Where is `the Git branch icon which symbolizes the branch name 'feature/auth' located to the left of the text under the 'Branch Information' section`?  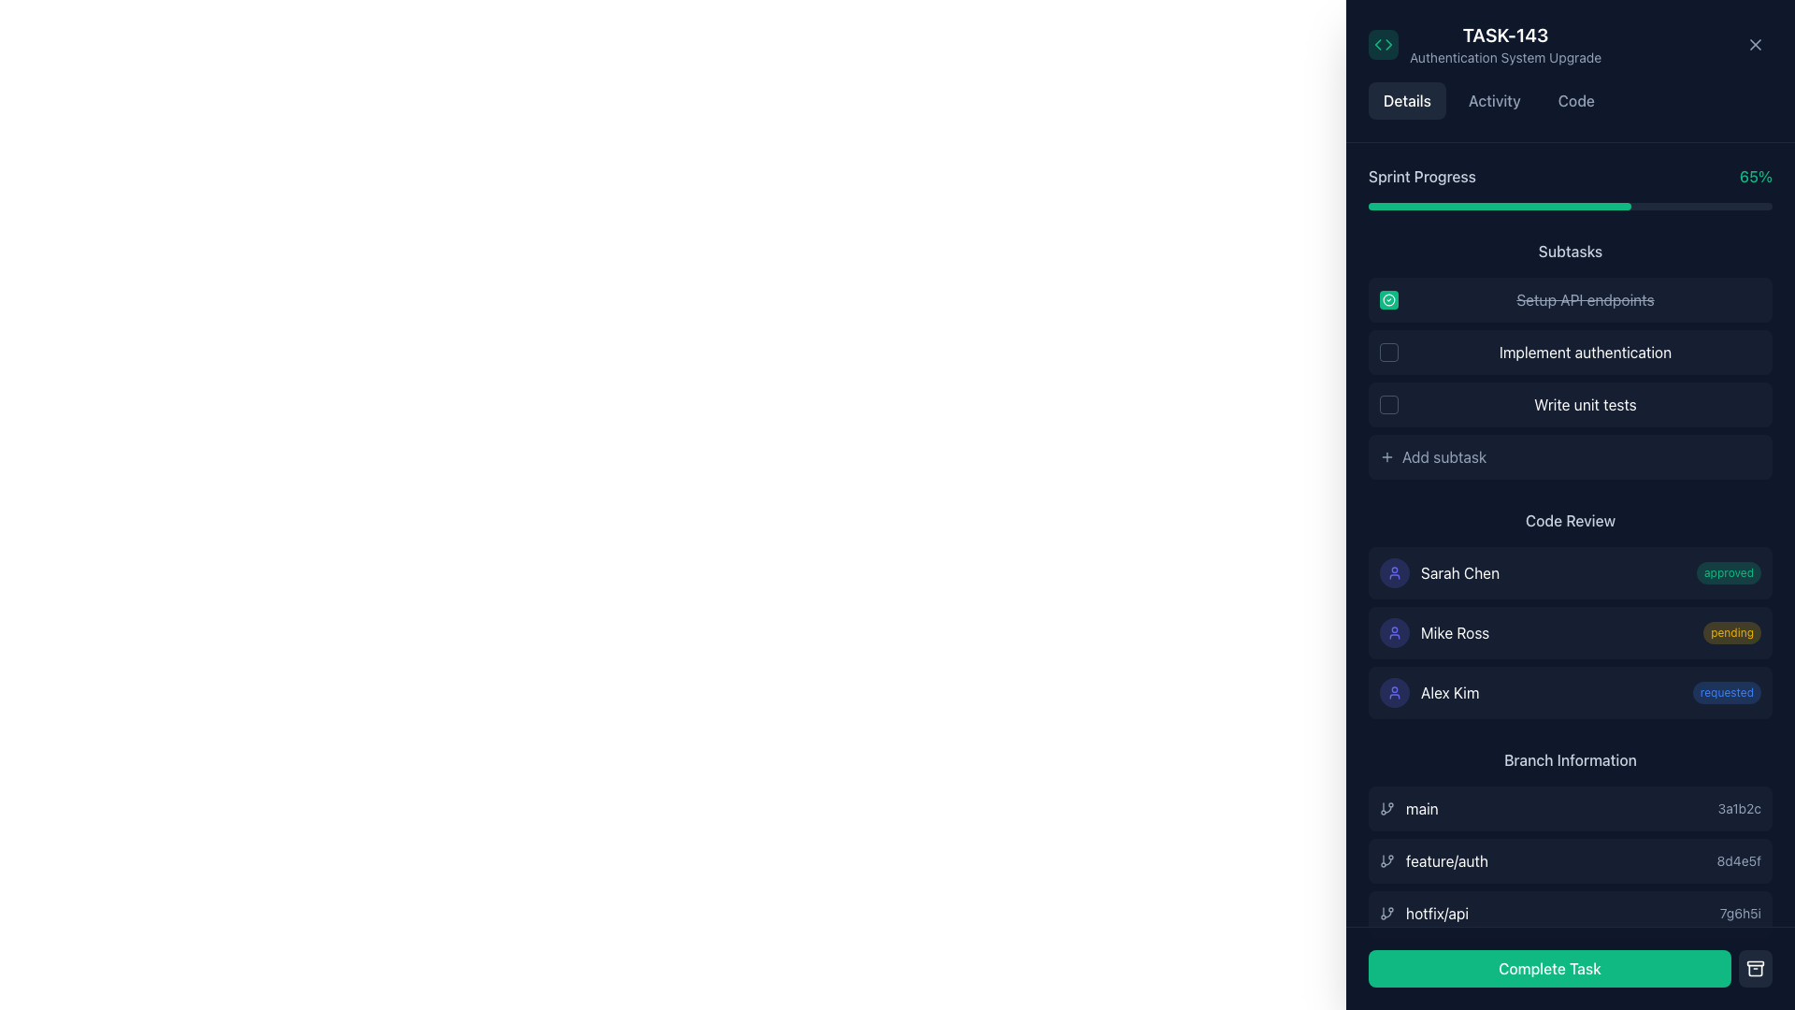
the Git branch icon which symbolizes the branch name 'feature/auth' located to the left of the text under the 'Branch Information' section is located at coordinates (1386, 861).